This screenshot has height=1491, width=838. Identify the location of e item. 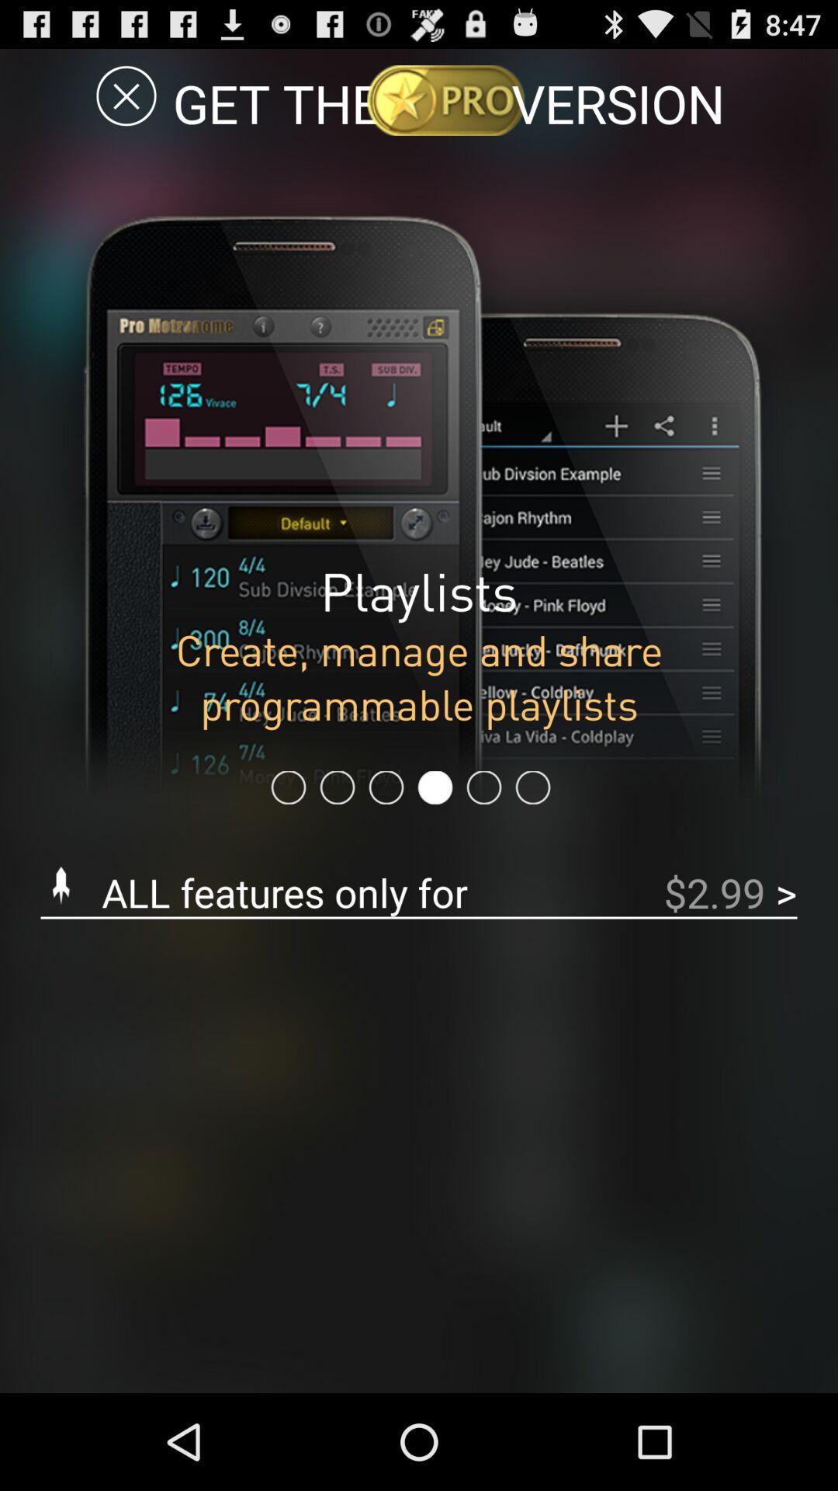
(126, 95).